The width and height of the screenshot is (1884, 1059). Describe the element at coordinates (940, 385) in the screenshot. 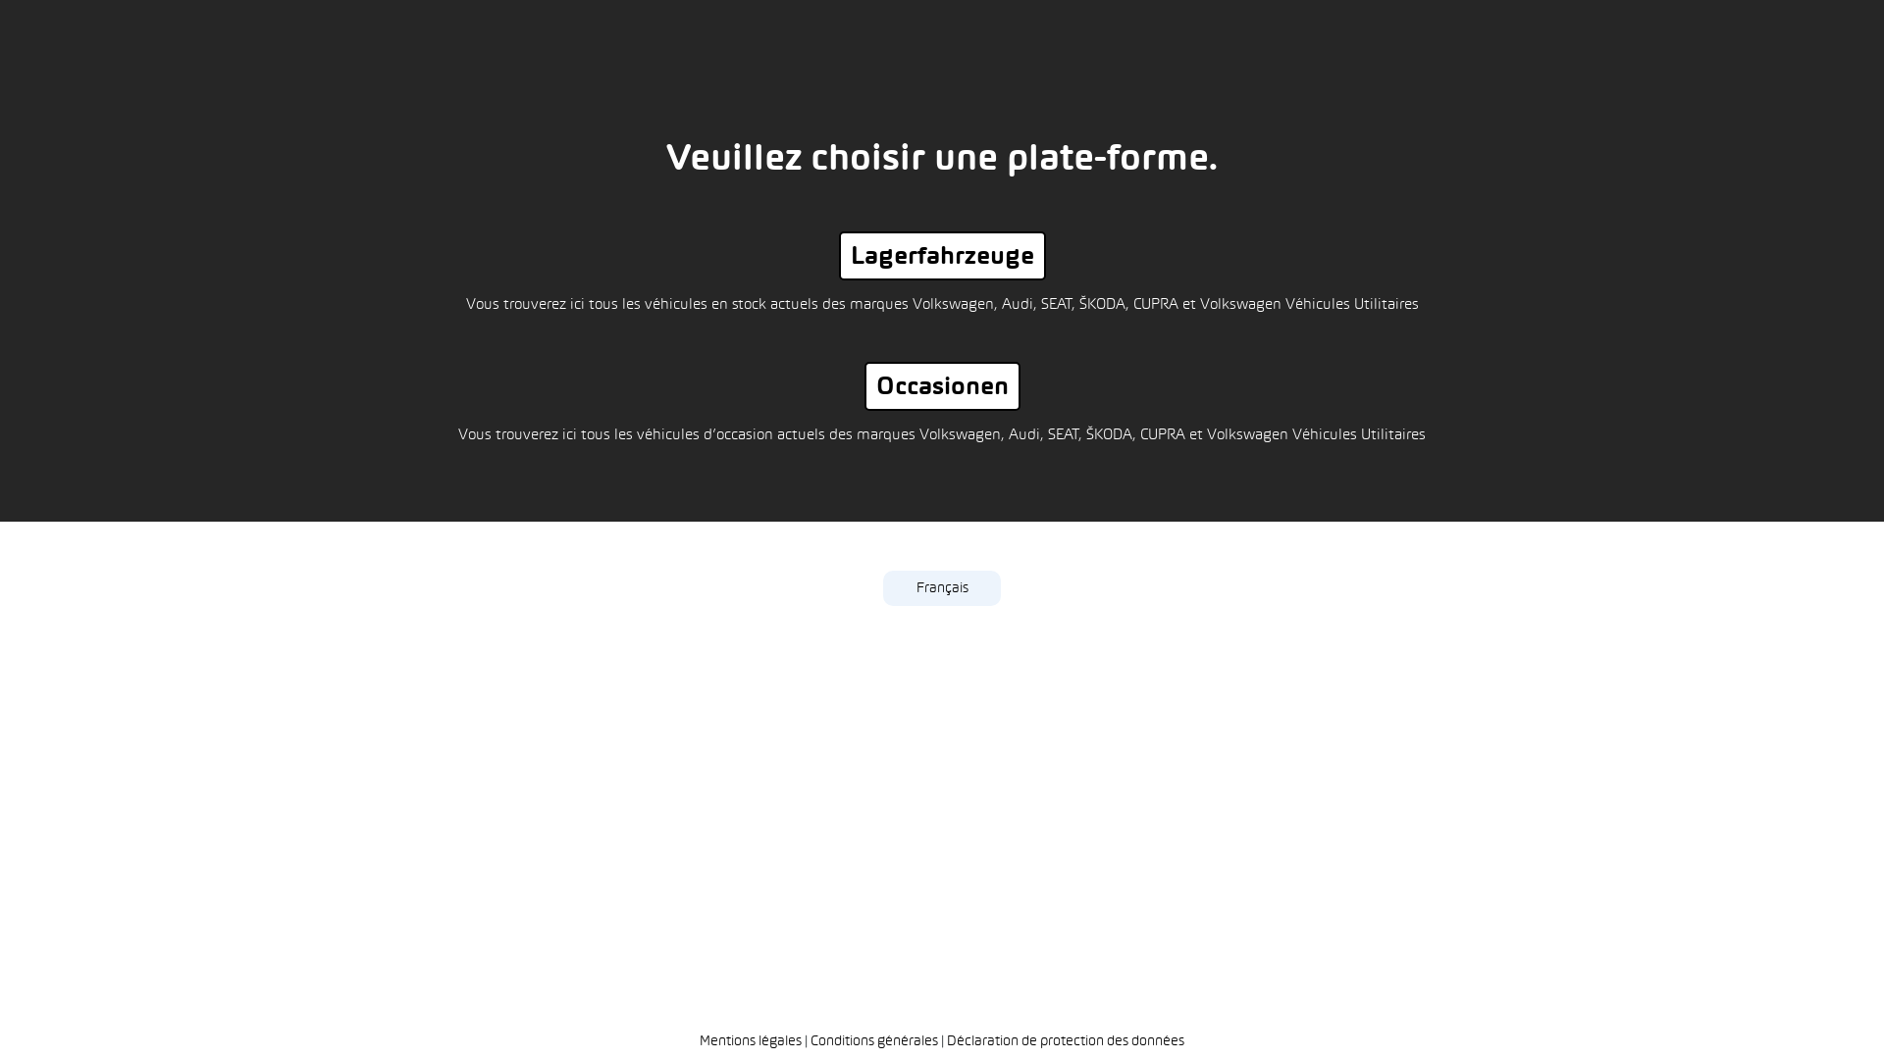

I see `'Occasionen'` at that location.